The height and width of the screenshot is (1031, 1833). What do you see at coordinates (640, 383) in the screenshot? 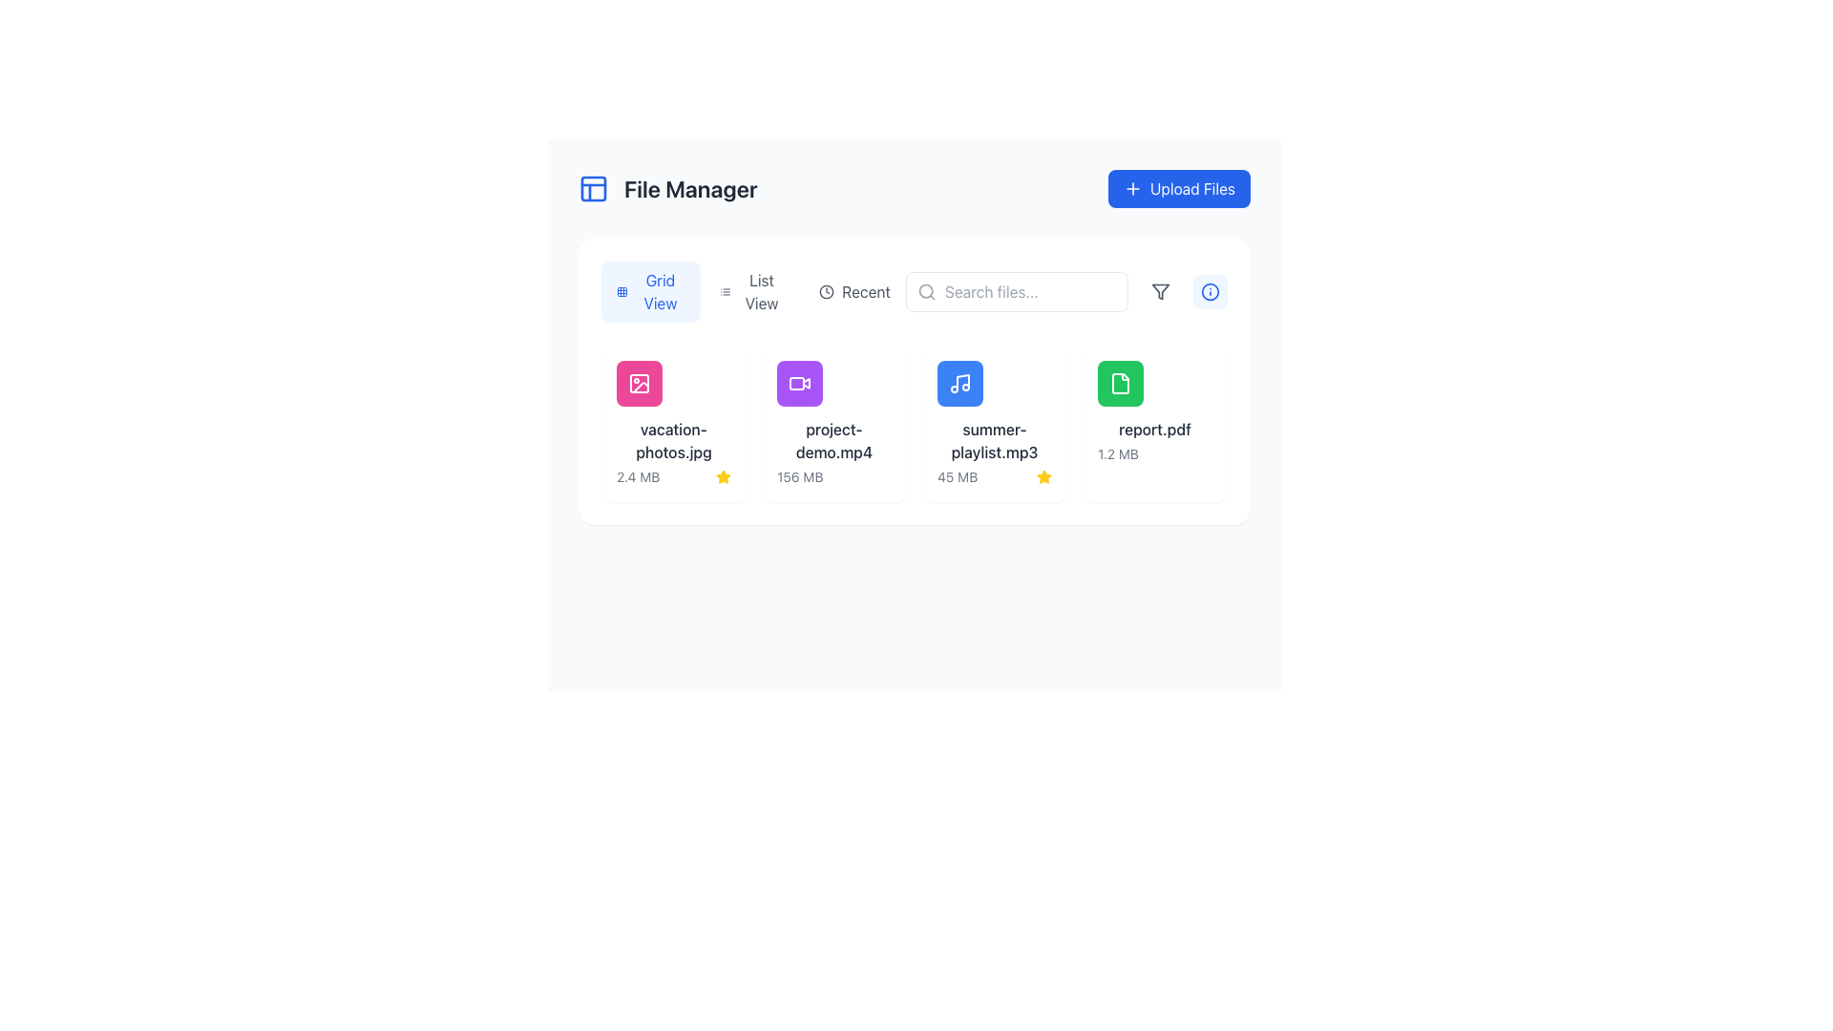
I see `the Icon button with a pink background and a white photo icon` at bounding box center [640, 383].